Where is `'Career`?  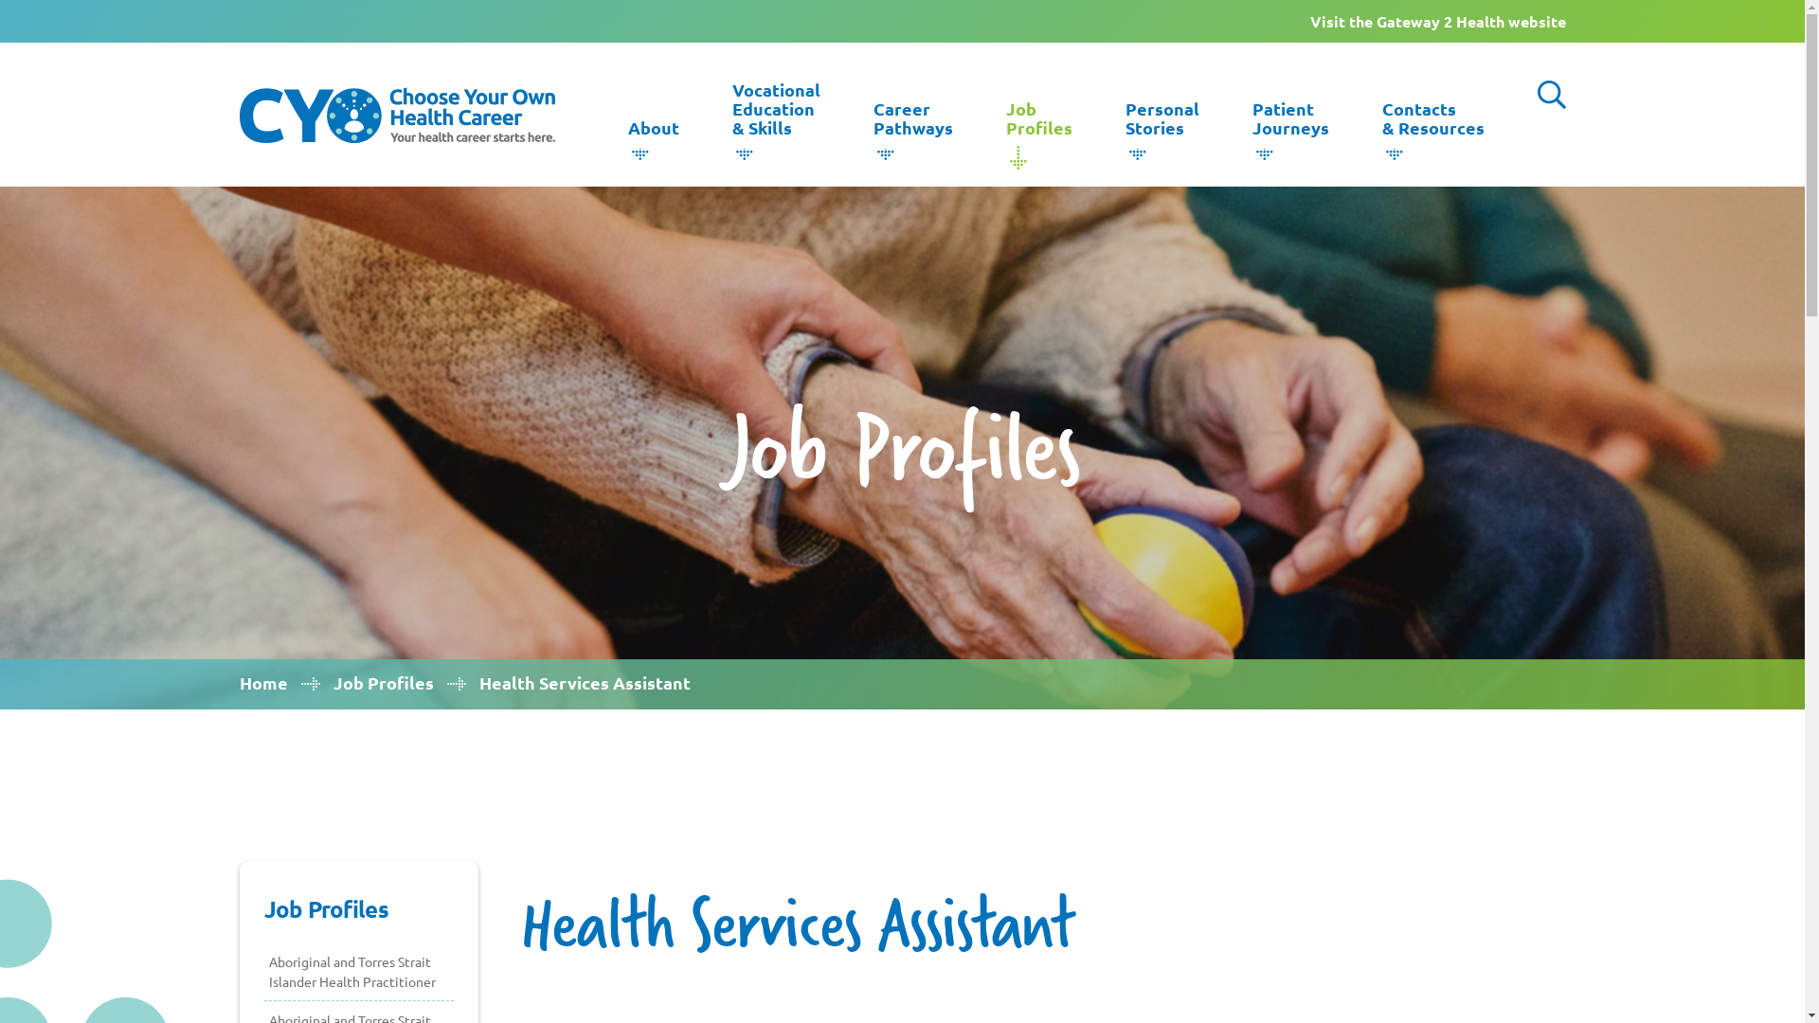
'Career is located at coordinates (913, 124).